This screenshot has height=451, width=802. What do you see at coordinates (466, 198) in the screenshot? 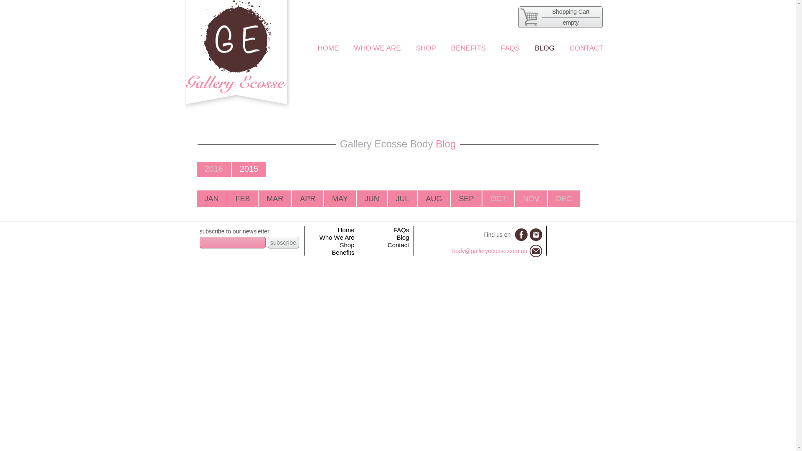
I see `'SEP'` at bounding box center [466, 198].